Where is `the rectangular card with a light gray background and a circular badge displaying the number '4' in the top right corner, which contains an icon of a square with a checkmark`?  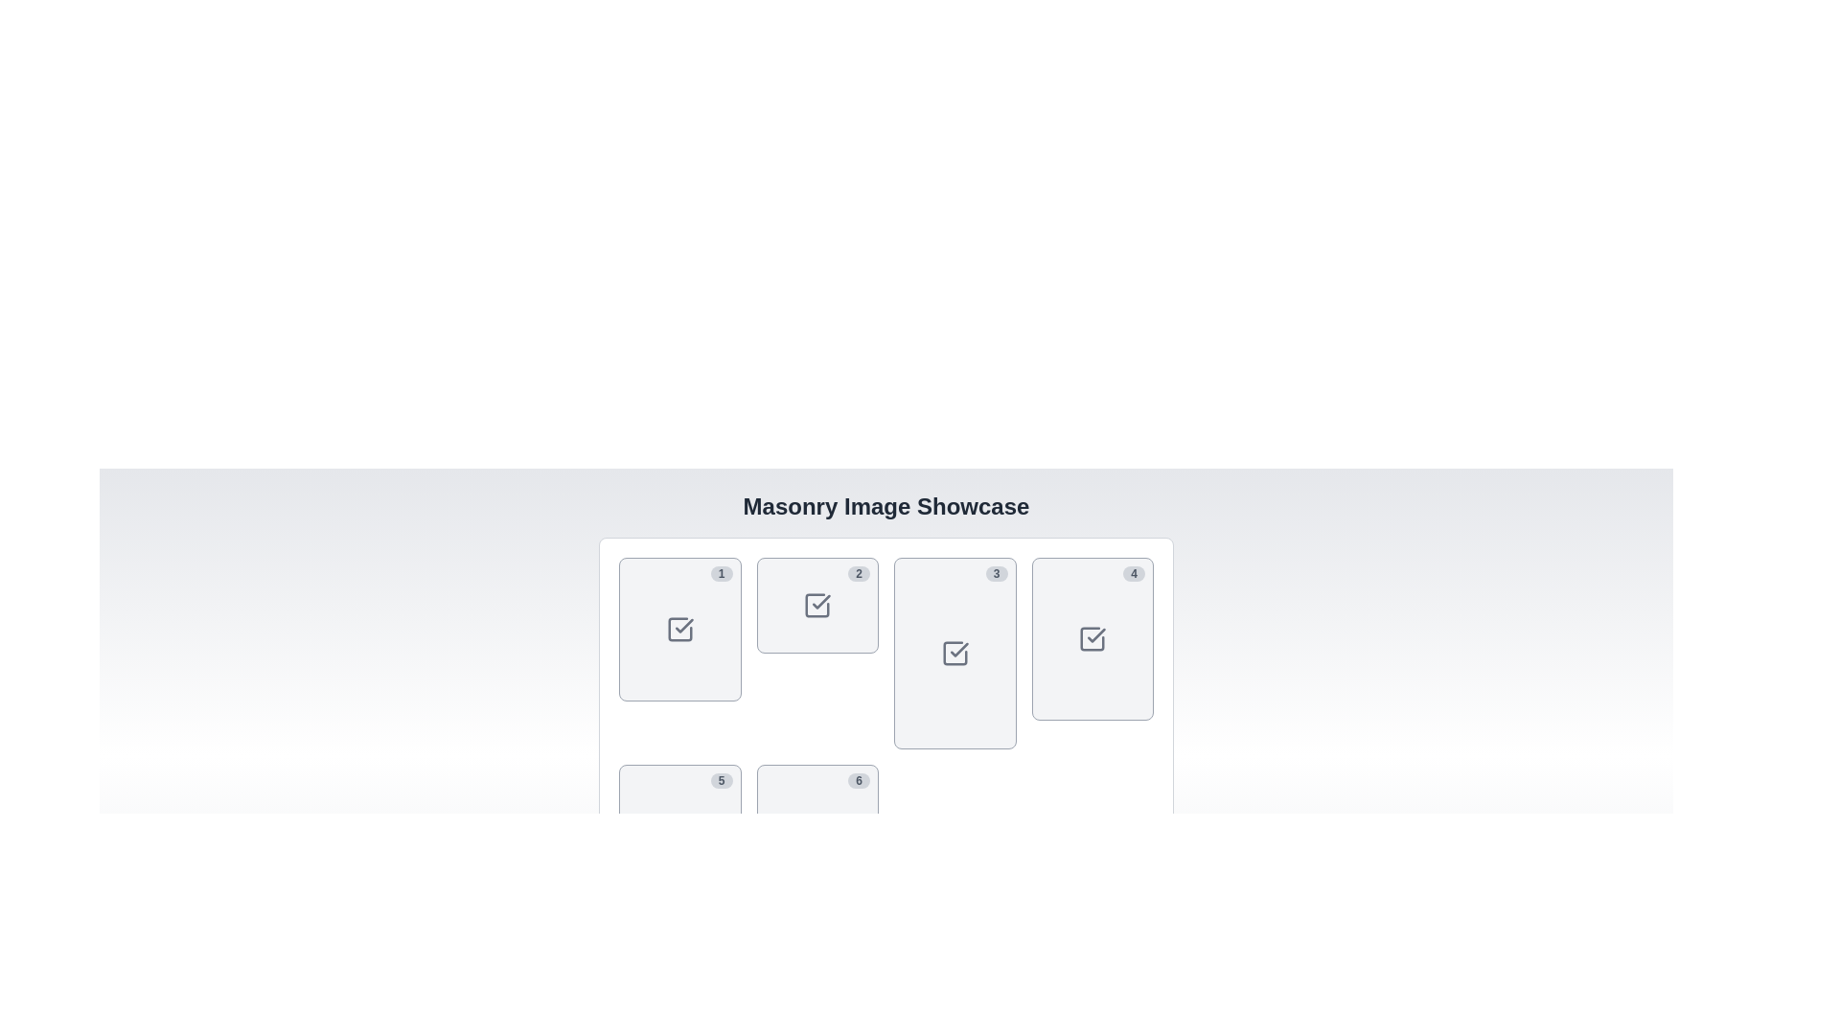 the rectangular card with a light gray background and a circular badge displaying the number '4' in the top right corner, which contains an icon of a square with a checkmark is located at coordinates (1092, 639).